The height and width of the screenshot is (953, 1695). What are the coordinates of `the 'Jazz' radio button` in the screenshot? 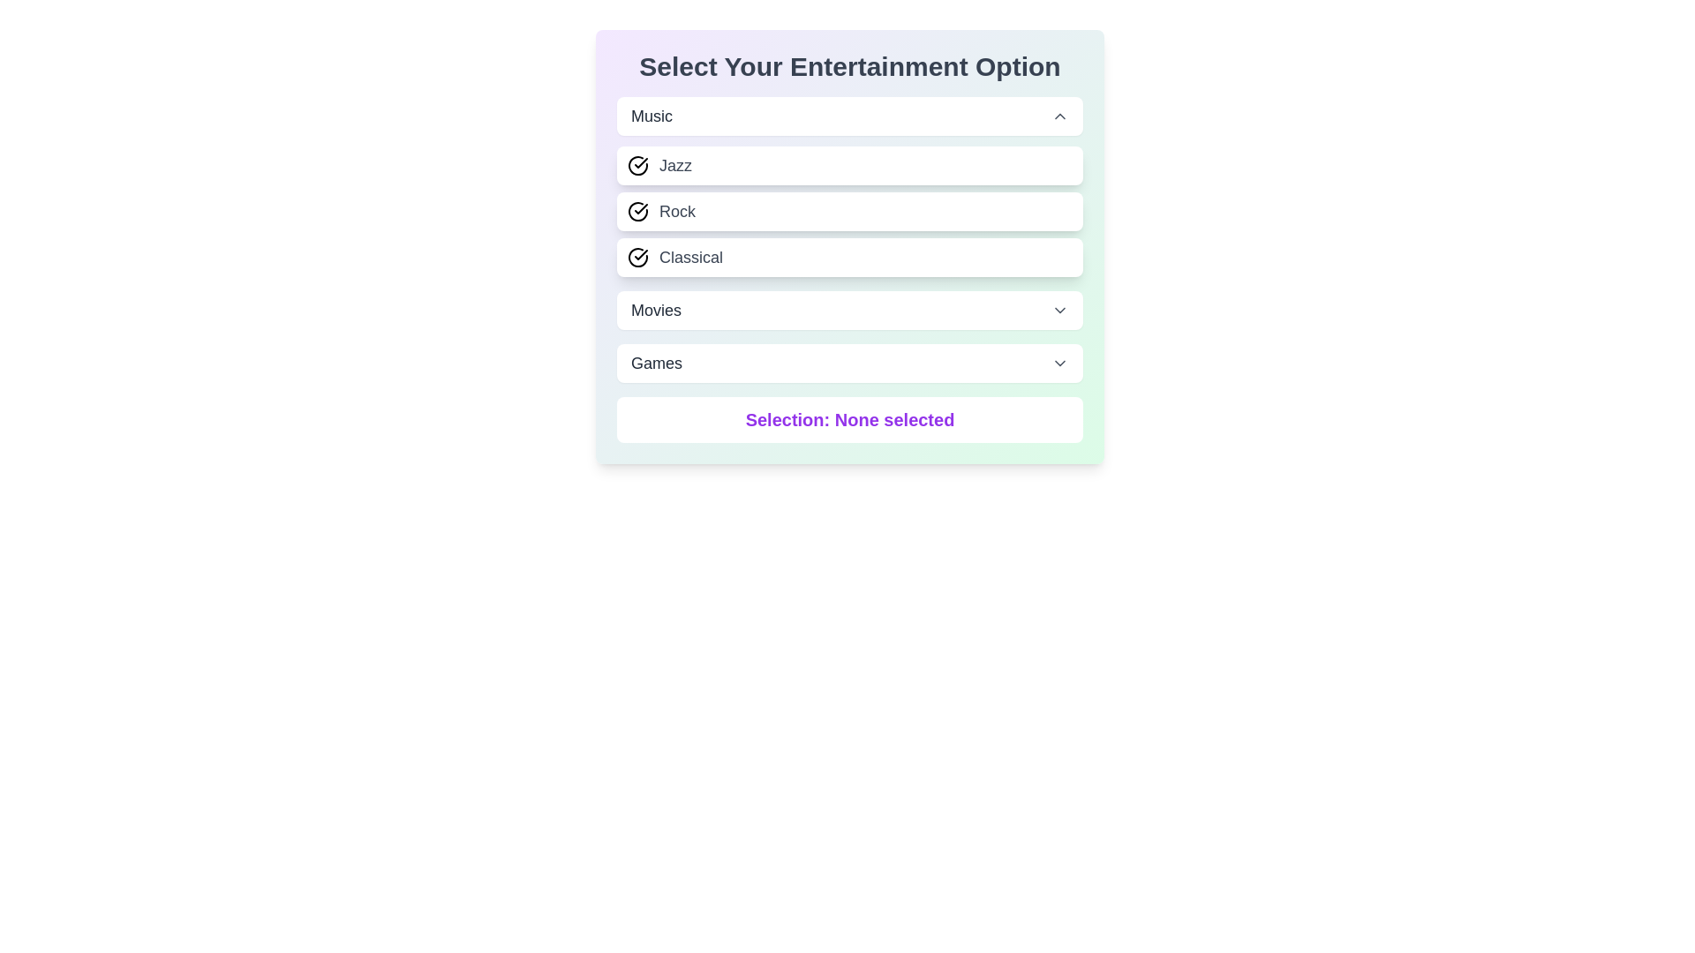 It's located at (850, 166).